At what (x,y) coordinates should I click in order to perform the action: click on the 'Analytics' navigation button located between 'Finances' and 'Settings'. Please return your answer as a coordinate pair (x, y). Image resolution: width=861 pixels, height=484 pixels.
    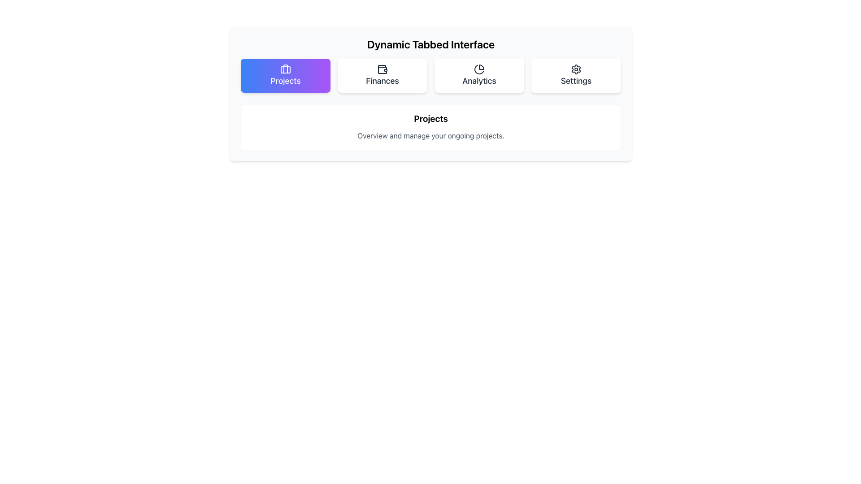
    Looking at the image, I should click on (478, 75).